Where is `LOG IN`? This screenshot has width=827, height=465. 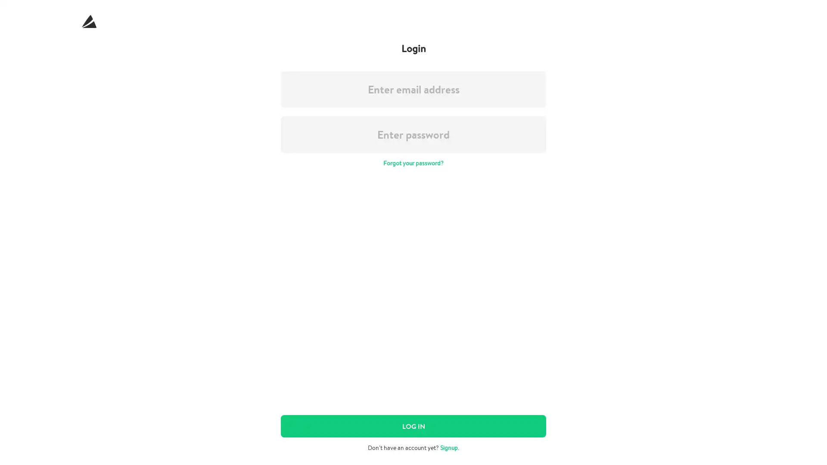
LOG IN is located at coordinates (413, 426).